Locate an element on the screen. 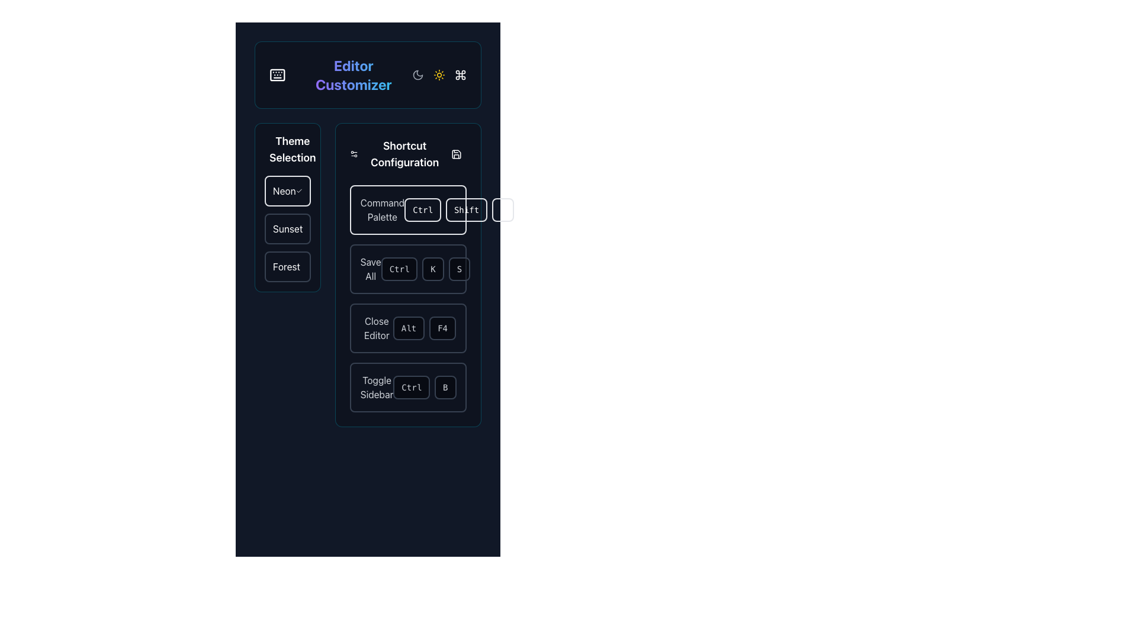 The height and width of the screenshot is (639, 1137). the 'Forest' theme option in the left sidebar is located at coordinates (286, 267).